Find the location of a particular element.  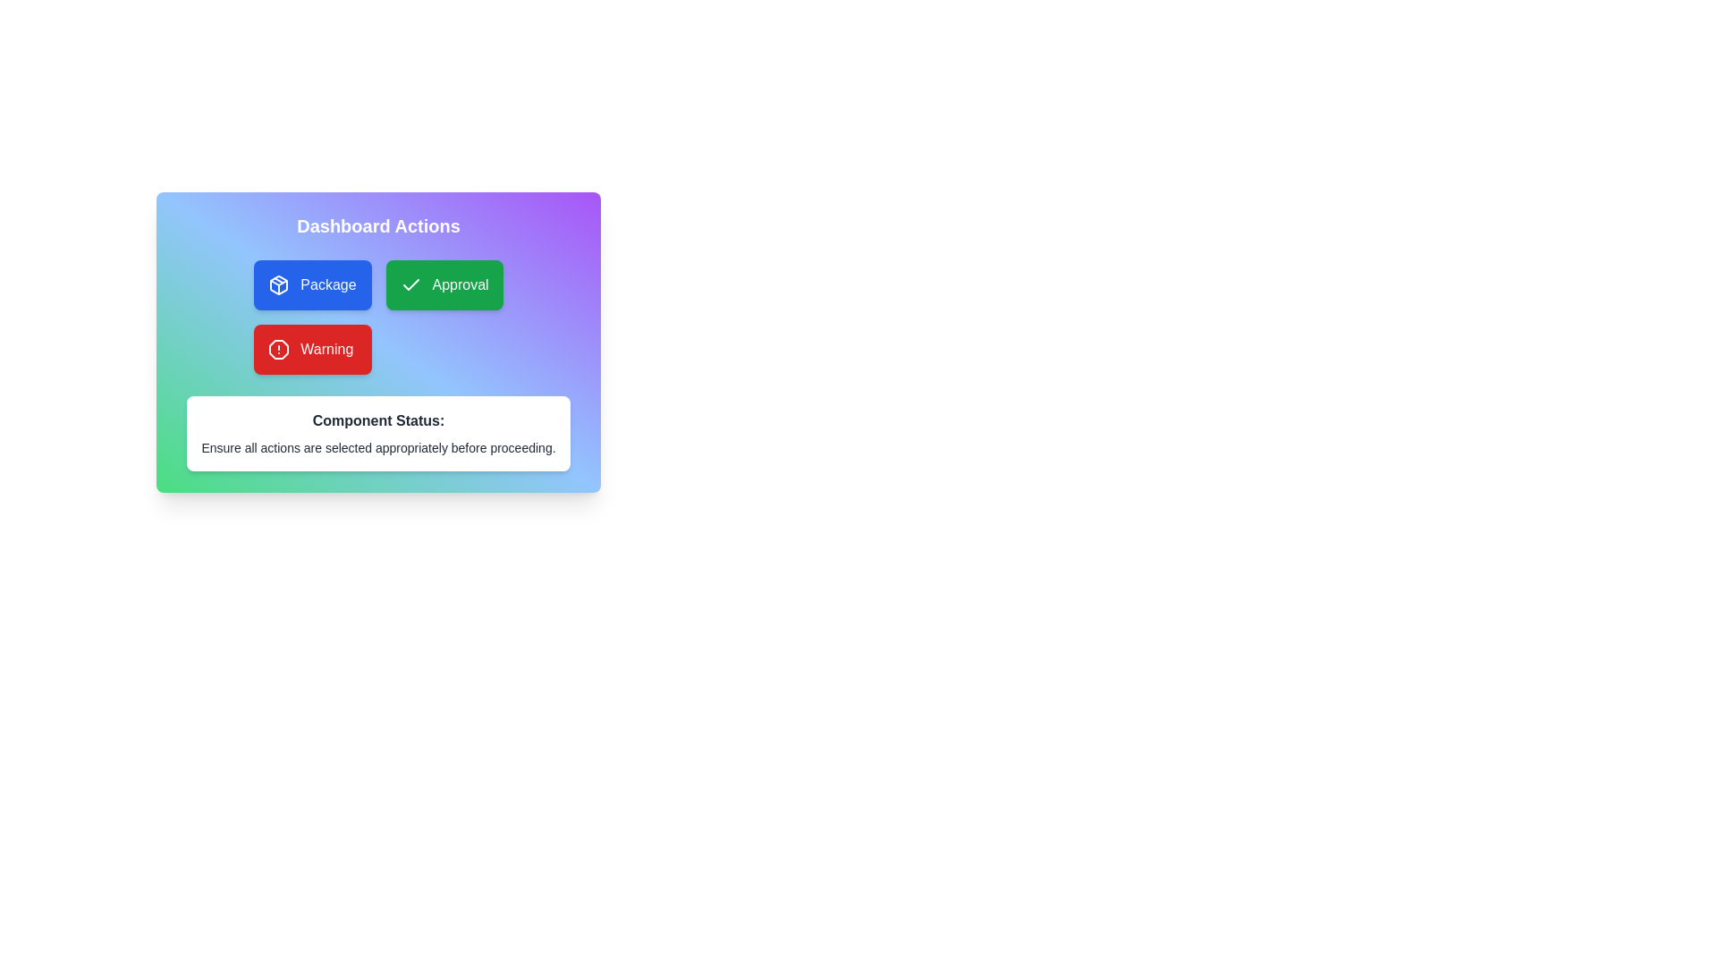

the checkmark icon located inside the green 'Approval' button in the 'Dashboard Actions' section to signify confirmation or success is located at coordinates (410, 284).